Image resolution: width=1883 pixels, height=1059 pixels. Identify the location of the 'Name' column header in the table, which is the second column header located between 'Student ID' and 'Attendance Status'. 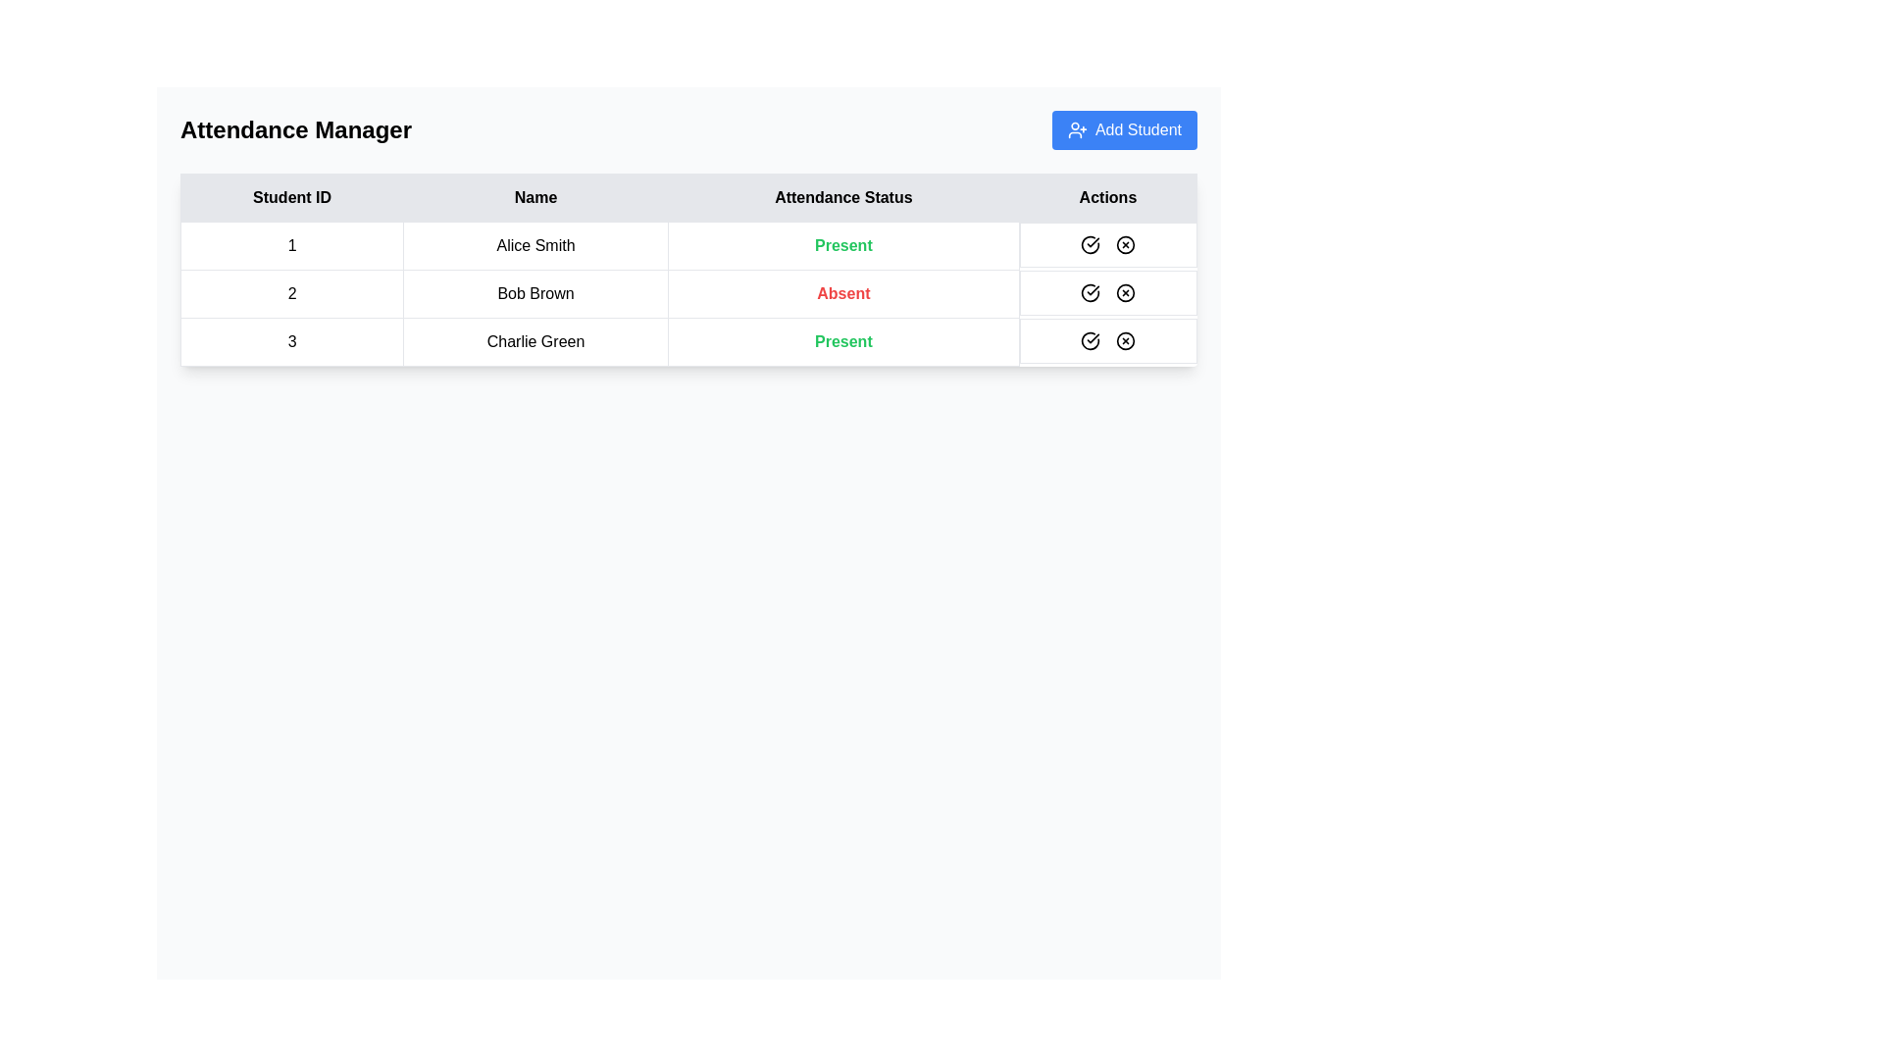
(535, 197).